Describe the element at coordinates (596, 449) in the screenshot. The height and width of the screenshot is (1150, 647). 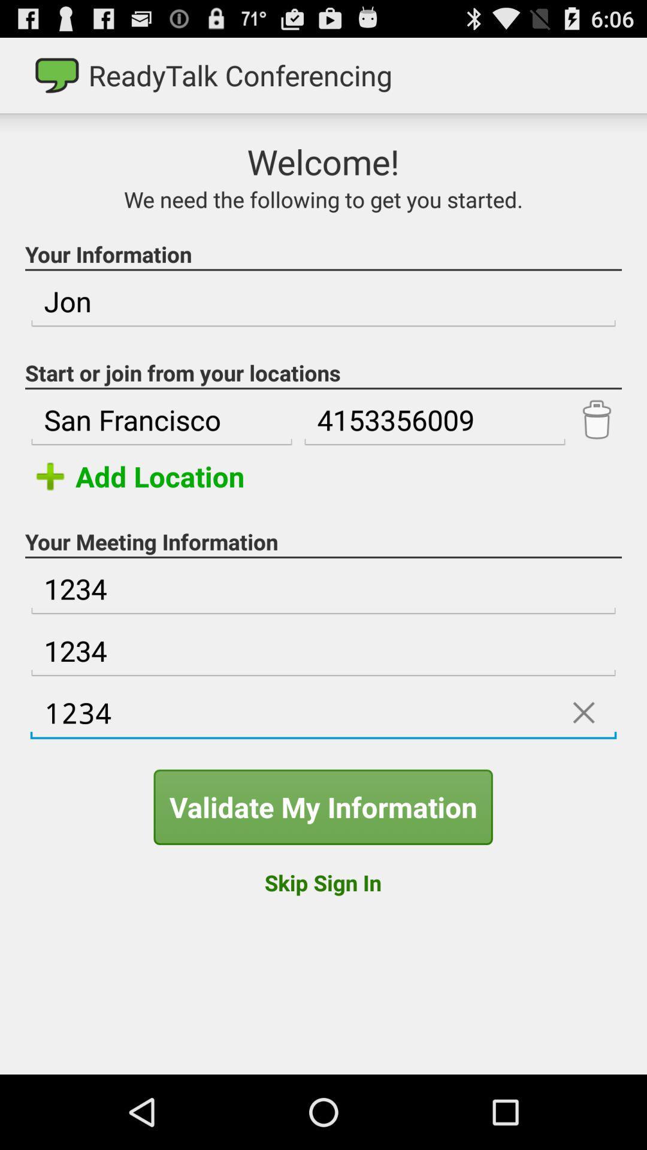
I see `the delete icon` at that location.